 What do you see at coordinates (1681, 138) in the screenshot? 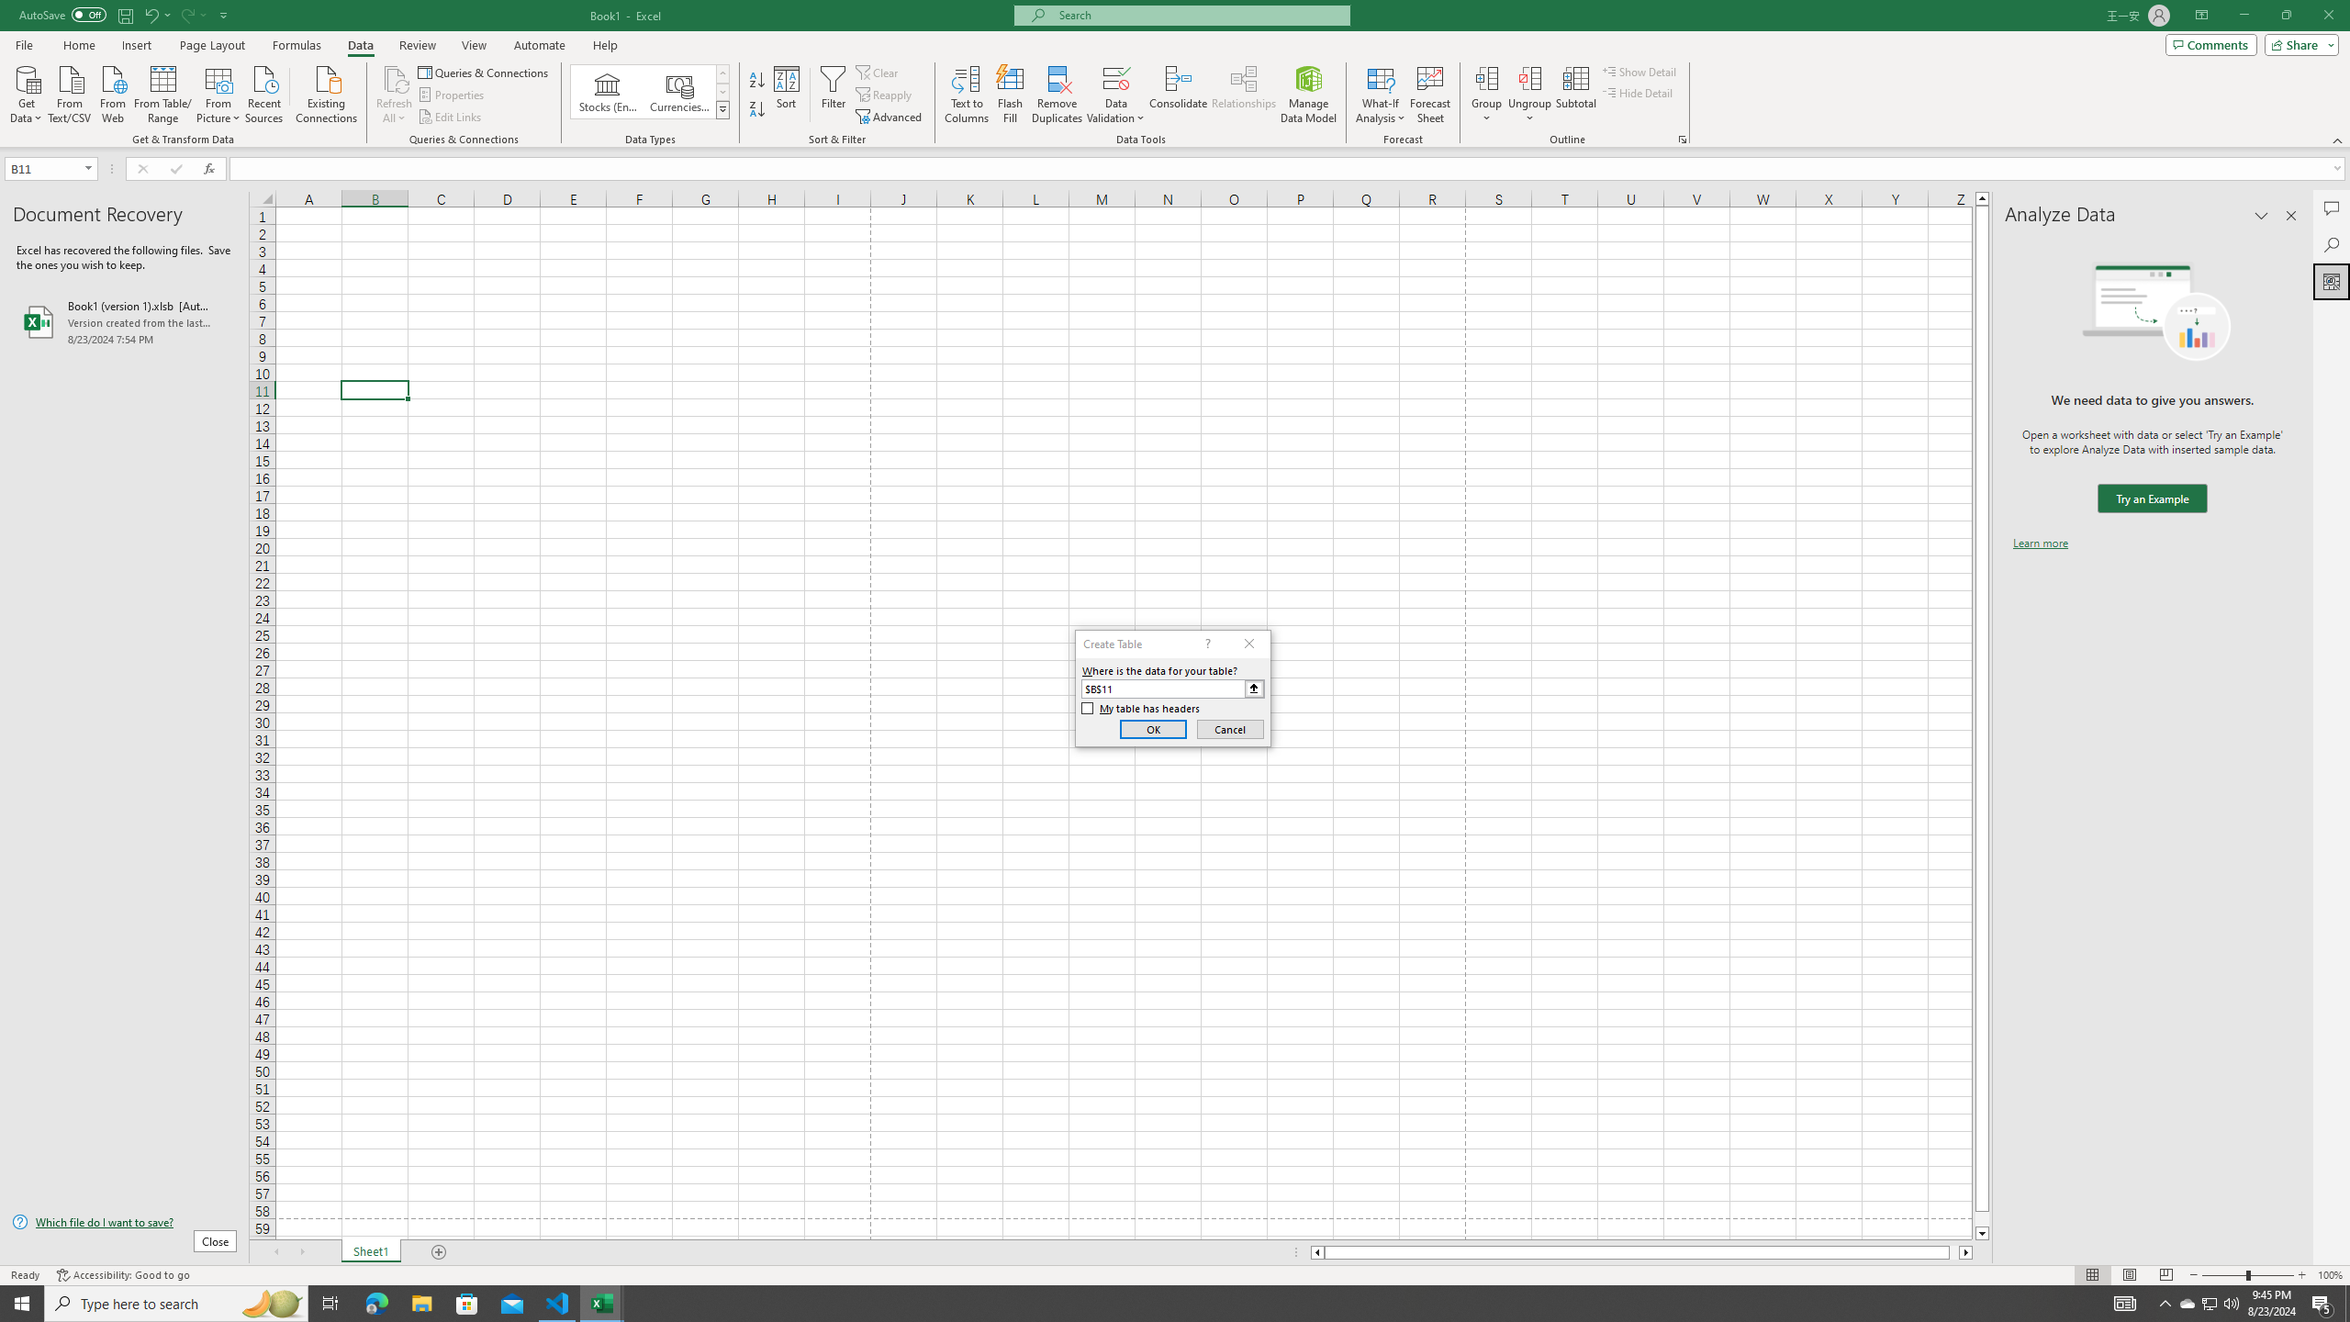
I see `'Group and Outline Settings'` at bounding box center [1681, 138].